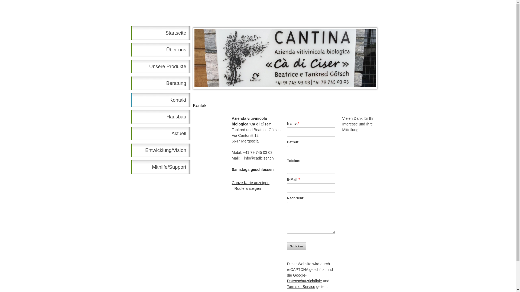 The height and width of the screenshot is (292, 520). What do you see at coordinates (160, 133) in the screenshot?
I see `'Aktuell'` at bounding box center [160, 133].